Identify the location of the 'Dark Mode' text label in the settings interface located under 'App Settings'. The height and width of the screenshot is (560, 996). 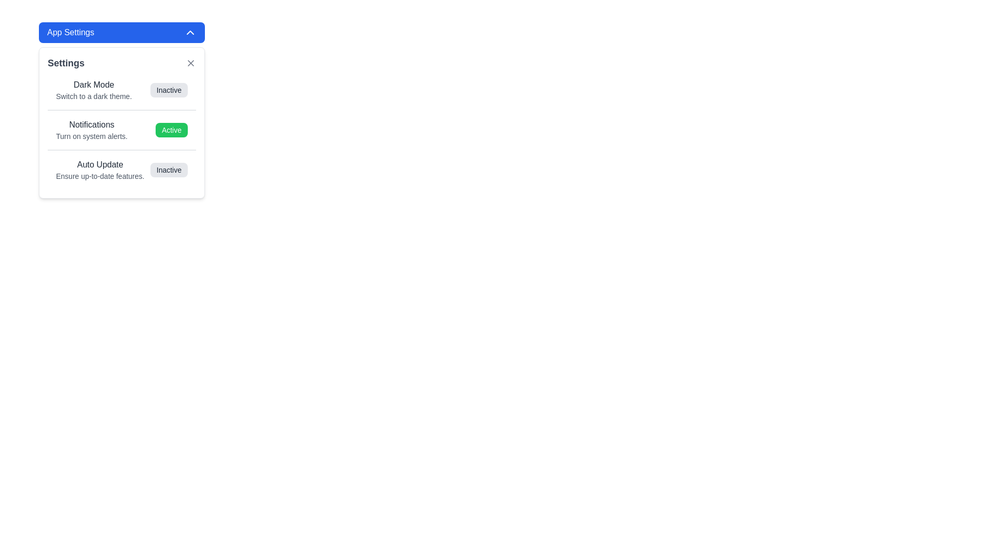
(94, 85).